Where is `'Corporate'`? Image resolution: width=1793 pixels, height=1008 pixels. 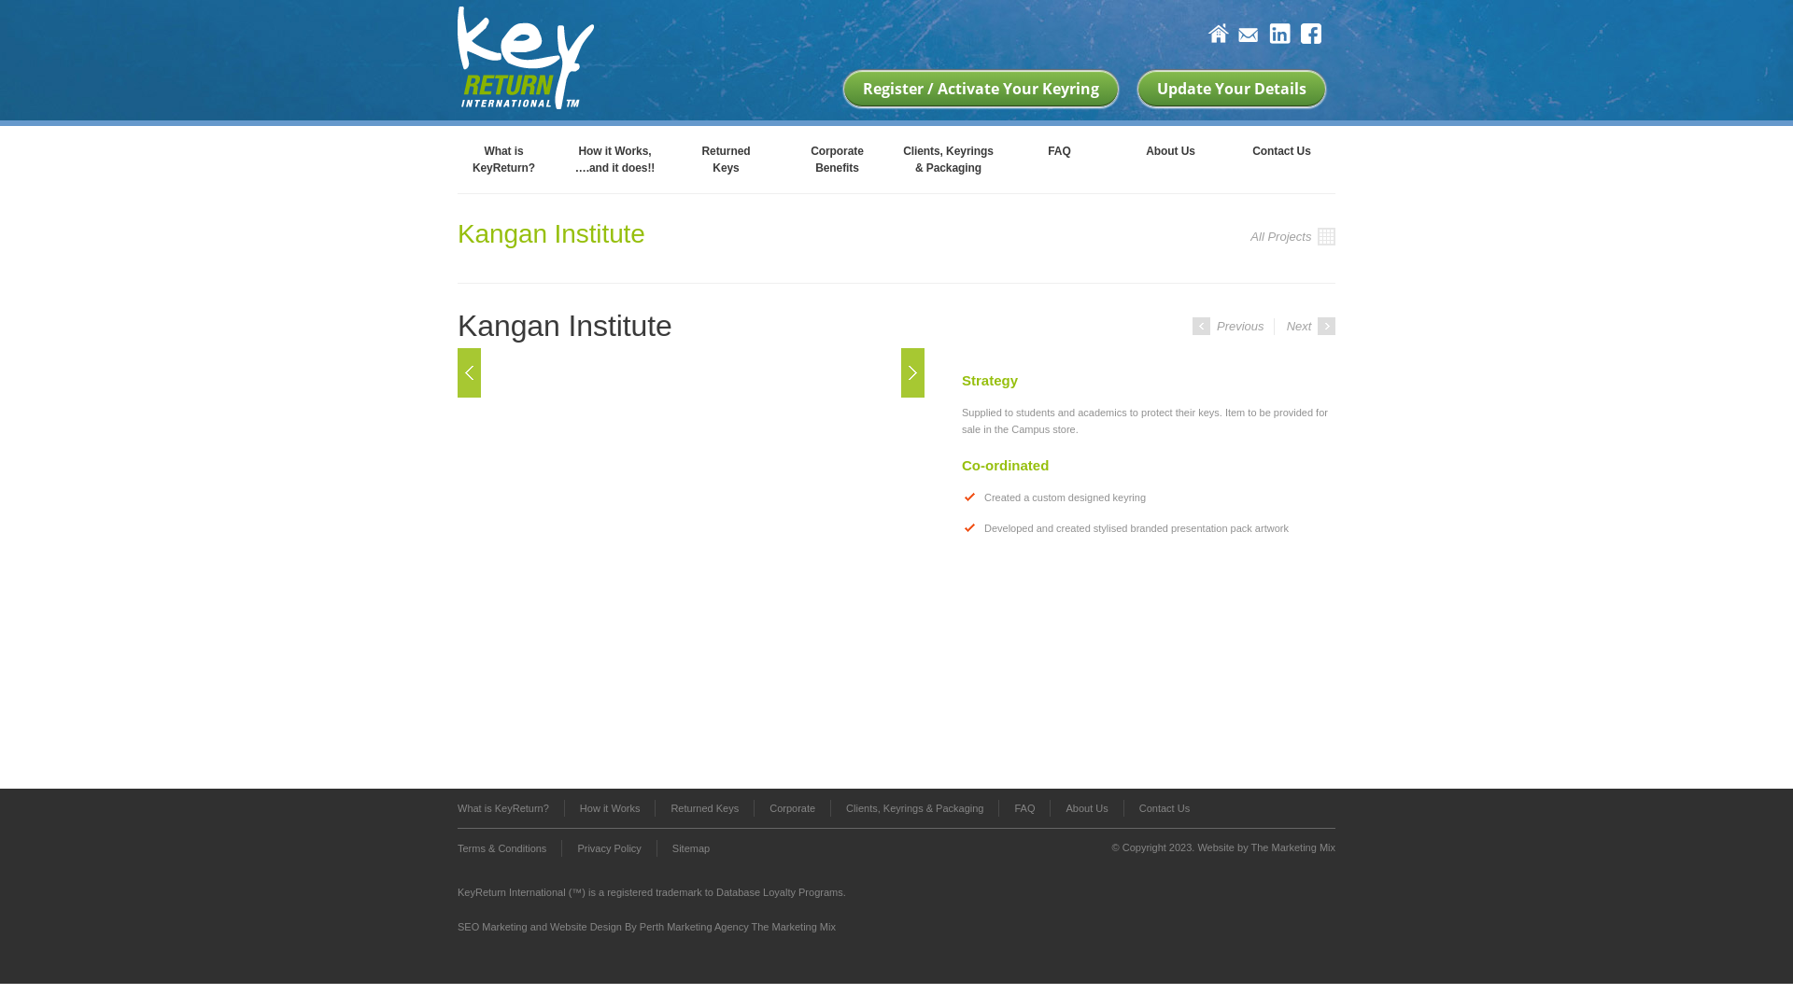
'Corporate' is located at coordinates (792, 807).